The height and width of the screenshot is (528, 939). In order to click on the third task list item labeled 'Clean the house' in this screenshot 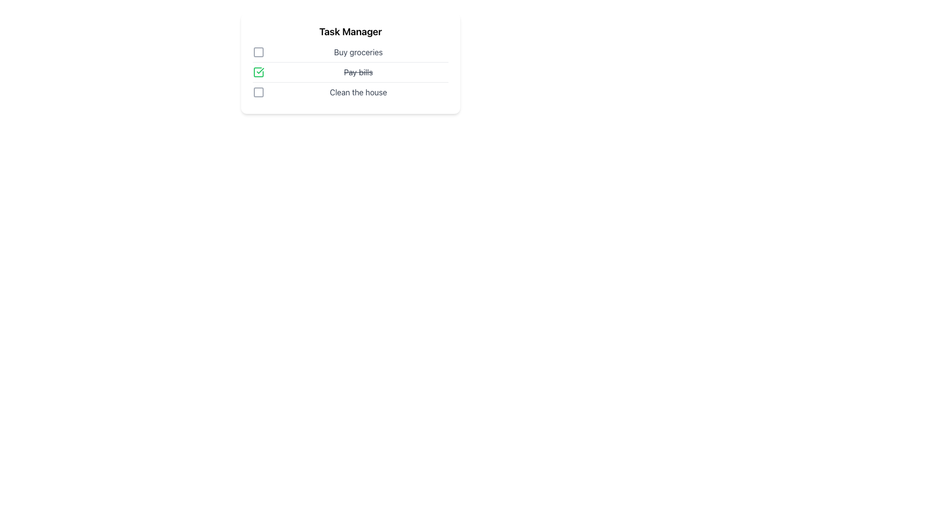, I will do `click(350, 94)`.